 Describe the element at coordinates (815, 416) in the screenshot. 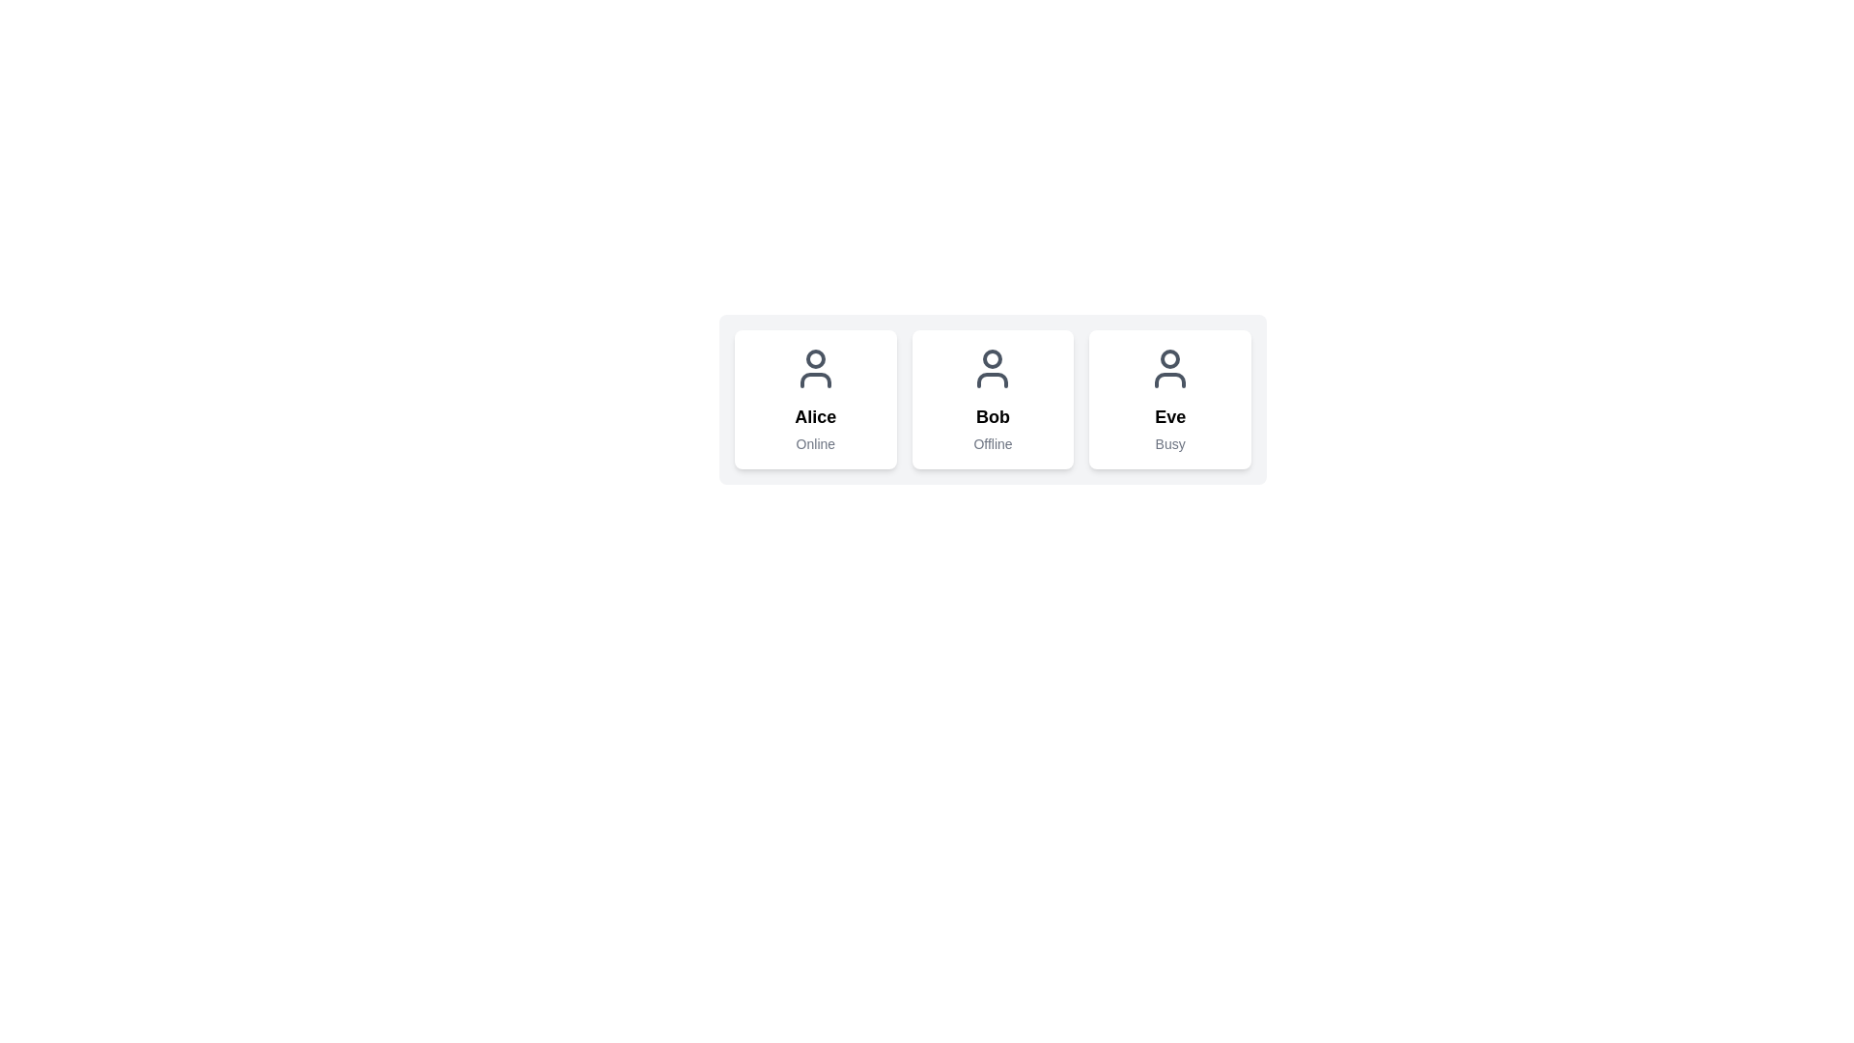

I see `the text label displaying 'Alice', which is centrally positioned in the card and styled in bold font` at that location.